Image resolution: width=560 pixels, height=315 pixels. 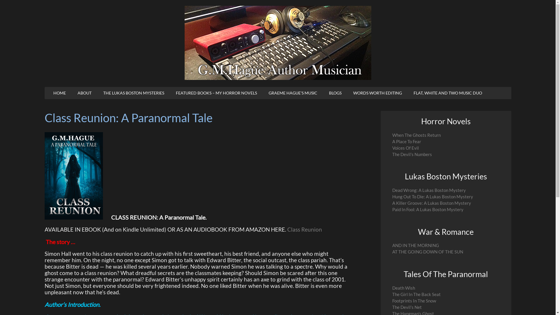 What do you see at coordinates (416, 135) in the screenshot?
I see `'When The Ghosts Return'` at bounding box center [416, 135].